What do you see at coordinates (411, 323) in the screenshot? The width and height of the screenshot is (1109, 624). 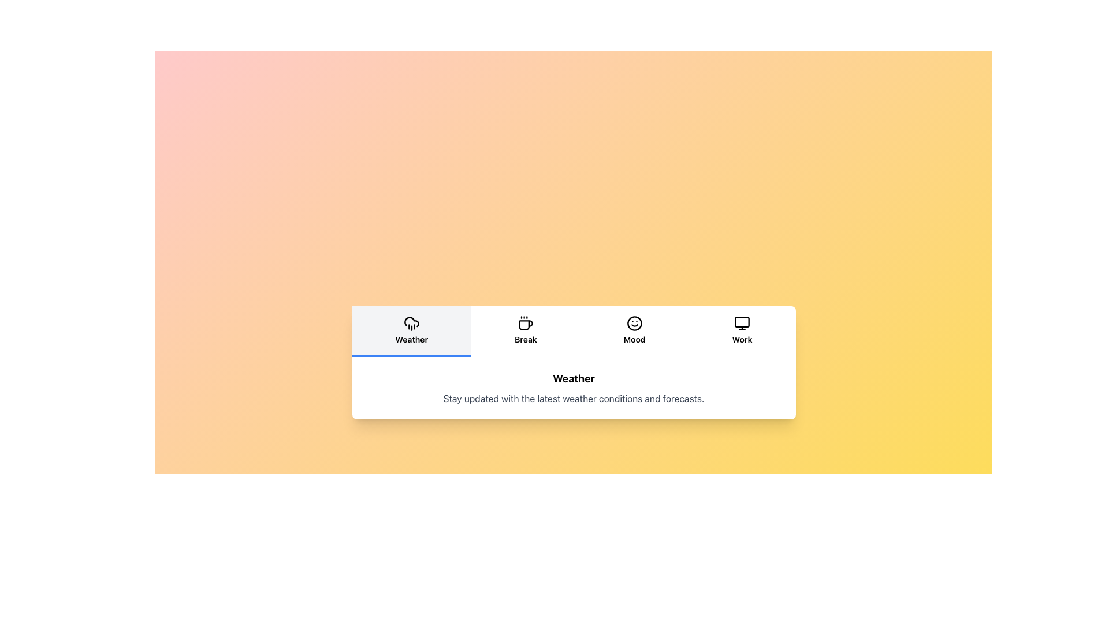 I see `the cloud icon with rain droplets above the 'Weather' text in the top center of the menu to identify its meaning` at bounding box center [411, 323].